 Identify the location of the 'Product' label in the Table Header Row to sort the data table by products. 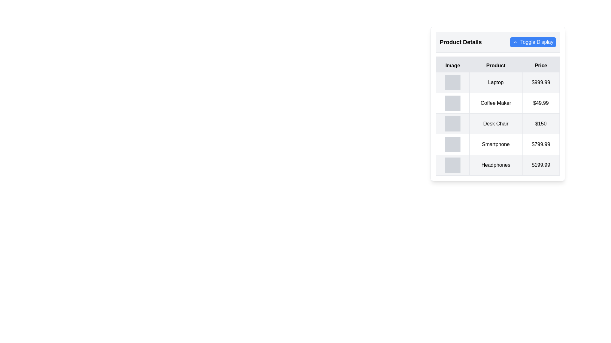
(497, 64).